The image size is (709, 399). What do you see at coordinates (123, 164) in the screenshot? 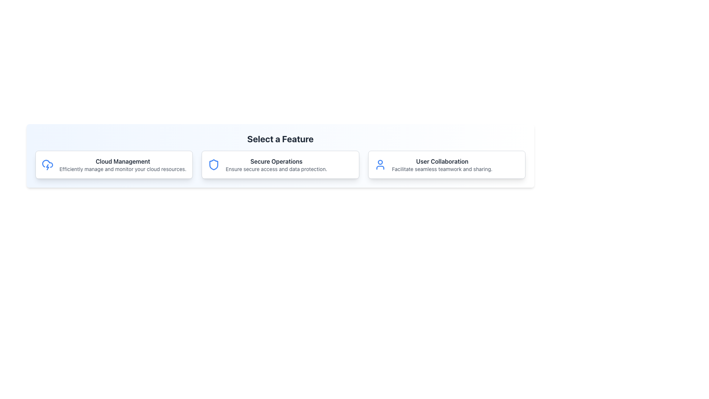
I see `textual information block titled 'Cloud Management' which contains a description about managing cloud resources` at bounding box center [123, 164].